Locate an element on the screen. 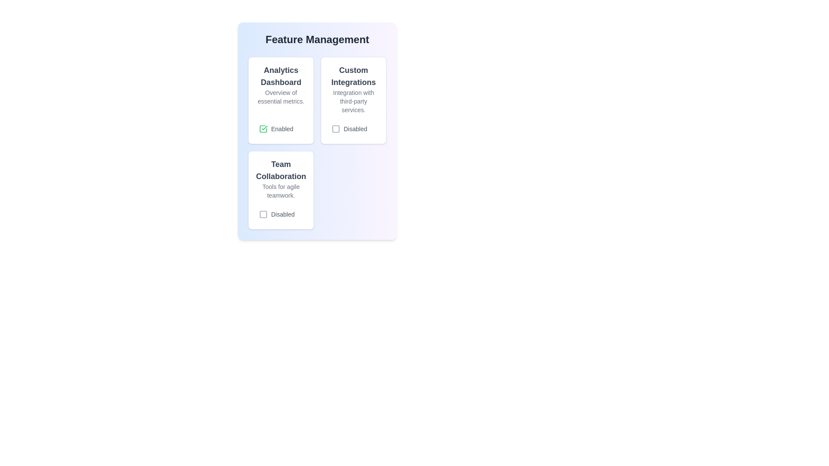 This screenshot has height=466, width=829. the header text label indicating 'Custom Integrations' located at the top of the second card in the 'Feature Management' section is located at coordinates (354, 76).